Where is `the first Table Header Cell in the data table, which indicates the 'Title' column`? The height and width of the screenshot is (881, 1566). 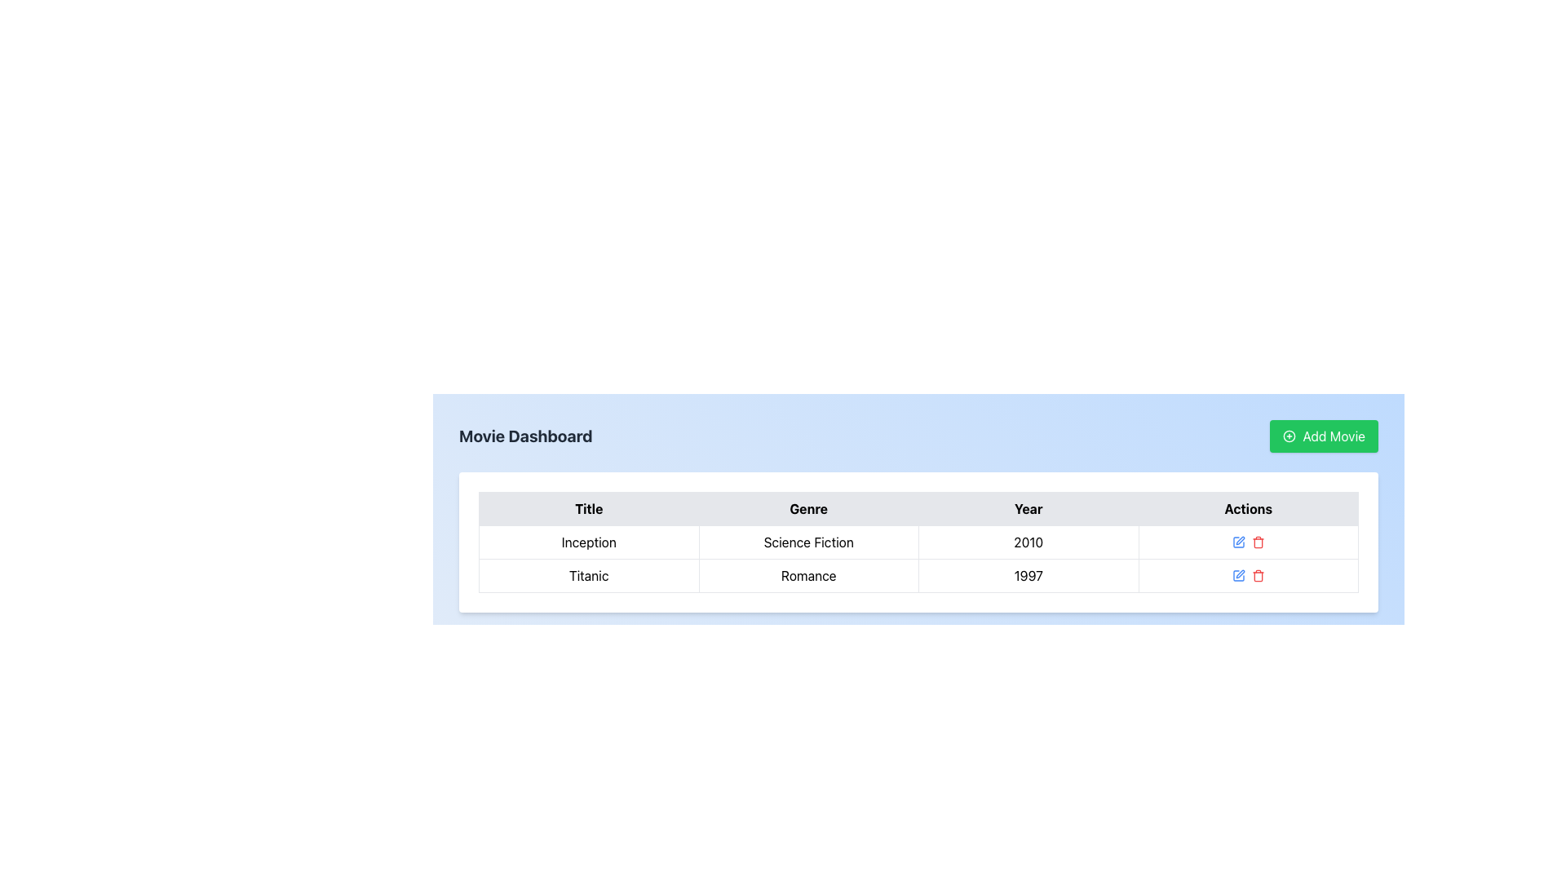
the first Table Header Cell in the data table, which indicates the 'Title' column is located at coordinates (588, 508).